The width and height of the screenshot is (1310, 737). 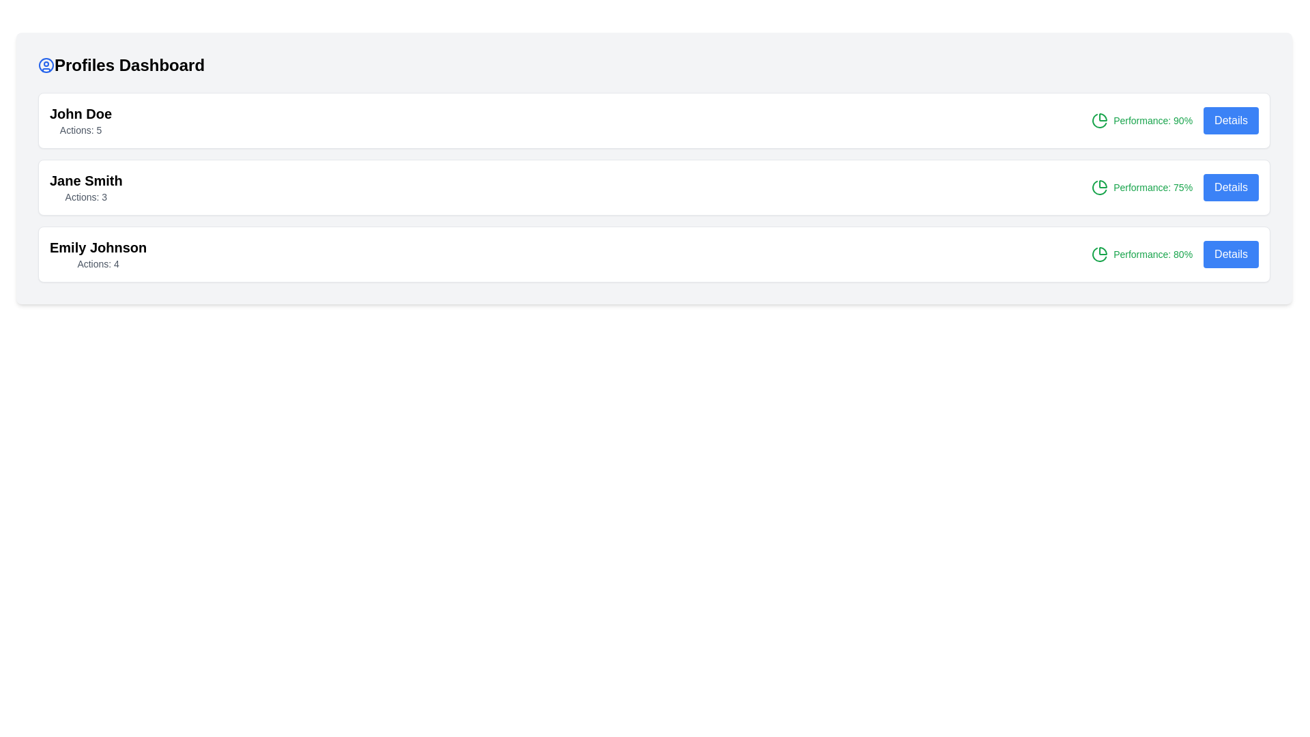 What do you see at coordinates (1231, 255) in the screenshot?
I see `the blue 'Details' button with rounded corners located at the far right of the performance summary row` at bounding box center [1231, 255].